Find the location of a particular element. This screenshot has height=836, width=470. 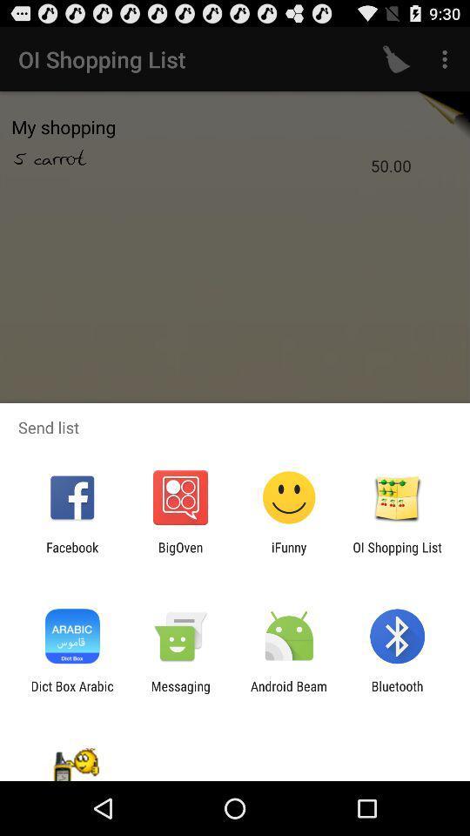

app next to facebook is located at coordinates (179, 554).